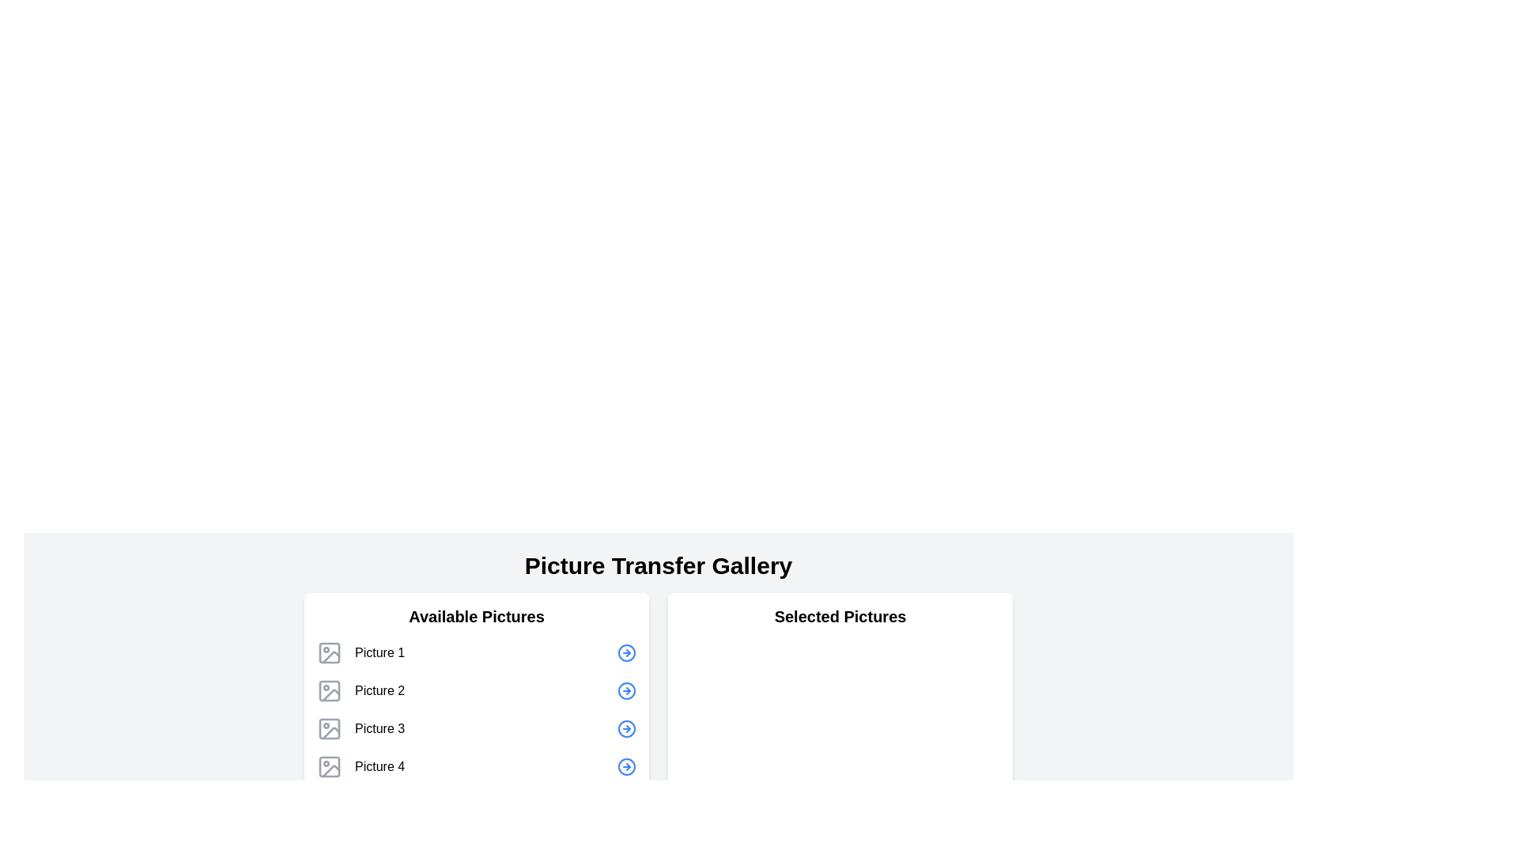  Describe the element at coordinates (625, 690) in the screenshot. I see `the circular arrow icon pointing to the right, styled in blue, located next to 'Picture 2' in the 'Available Pictures' section` at that location.